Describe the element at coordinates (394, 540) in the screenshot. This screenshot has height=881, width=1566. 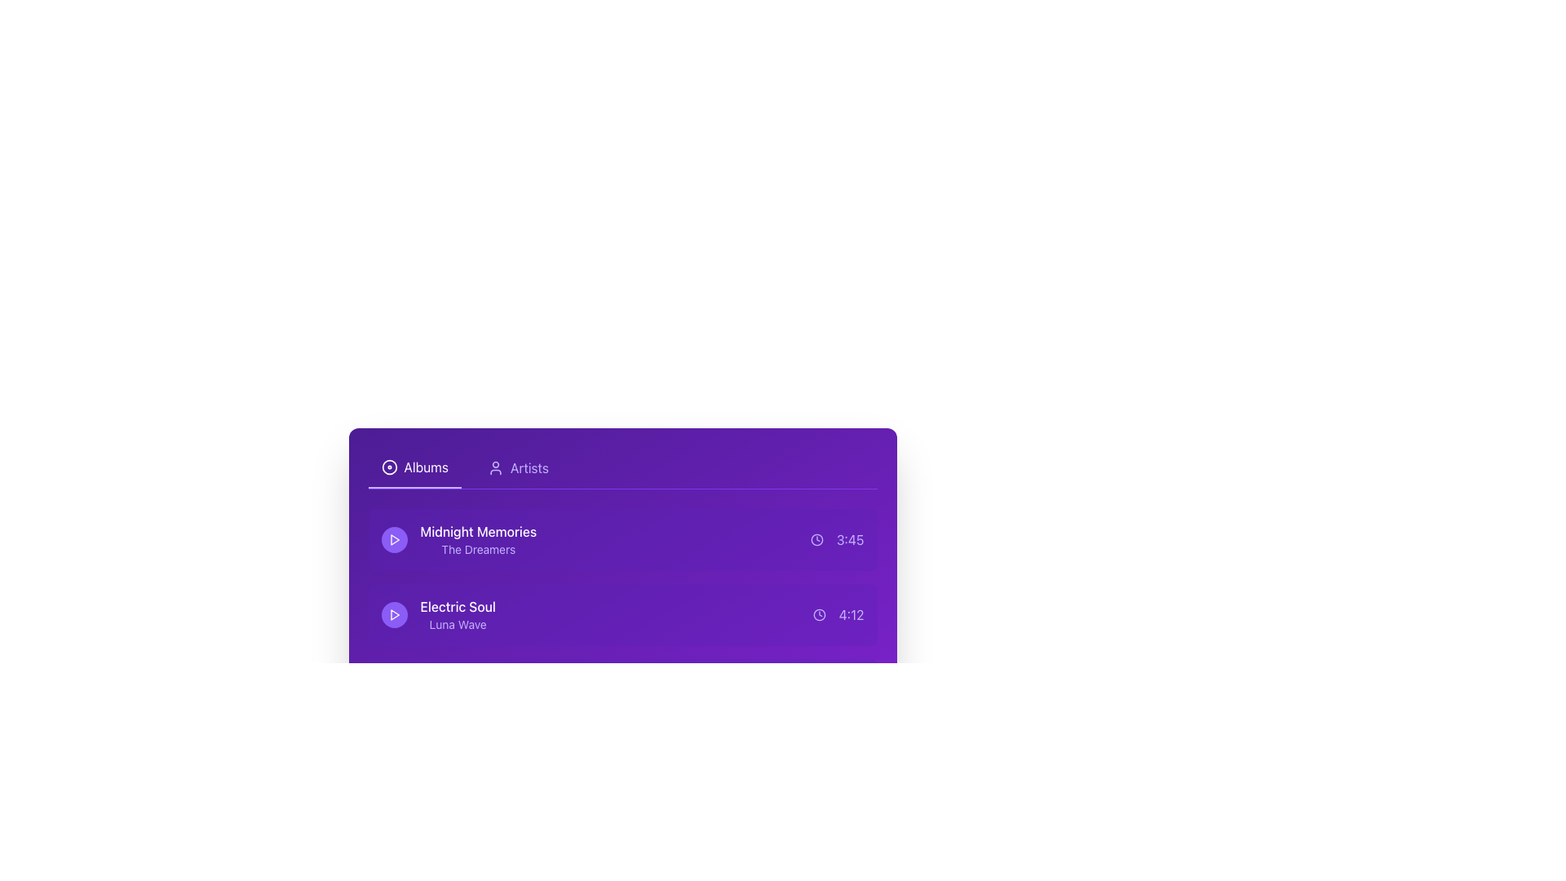
I see `the SVG play icon resembling a 'play' button, which is centrally located within a circular button to the left of the track listing 'Electric Soul' by 'Luna Wave'` at that location.